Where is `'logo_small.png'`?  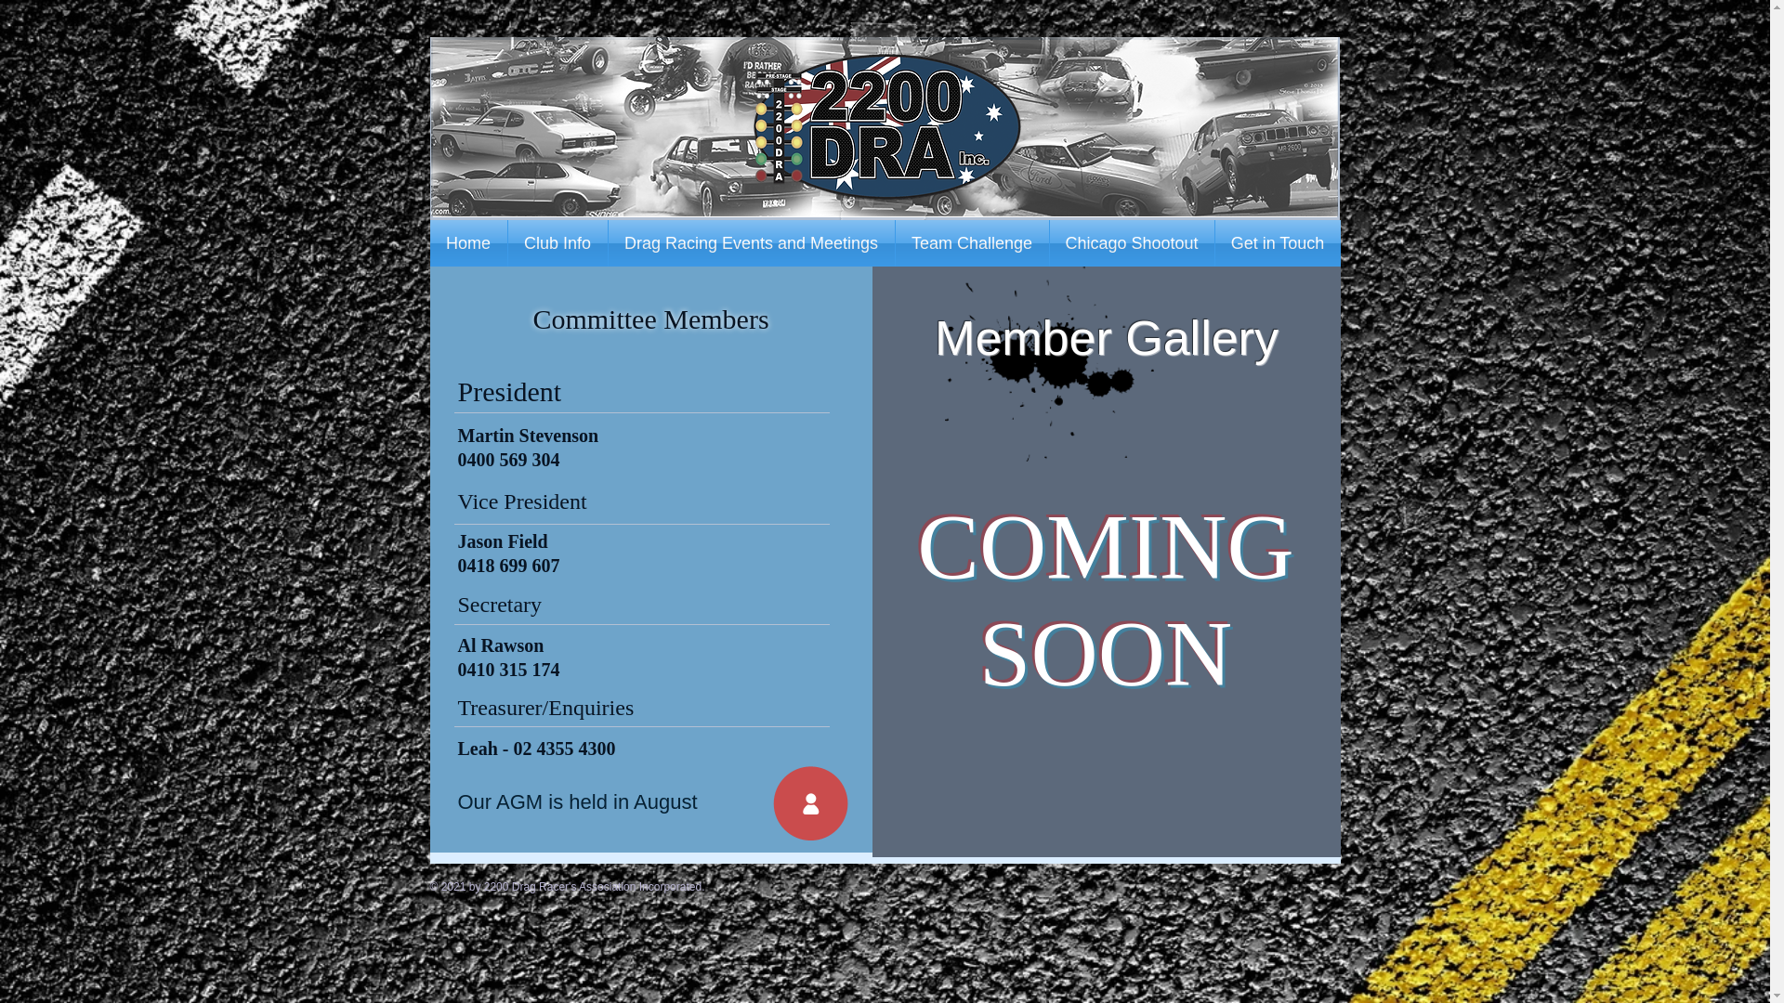
'logo_small.png' is located at coordinates (885, 126).